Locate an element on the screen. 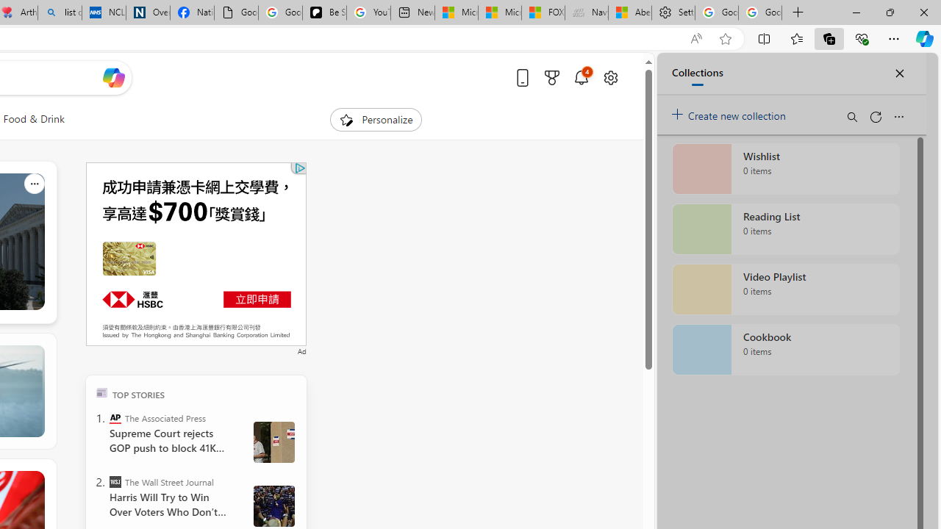  'Open Copilot' is located at coordinates (113, 77).